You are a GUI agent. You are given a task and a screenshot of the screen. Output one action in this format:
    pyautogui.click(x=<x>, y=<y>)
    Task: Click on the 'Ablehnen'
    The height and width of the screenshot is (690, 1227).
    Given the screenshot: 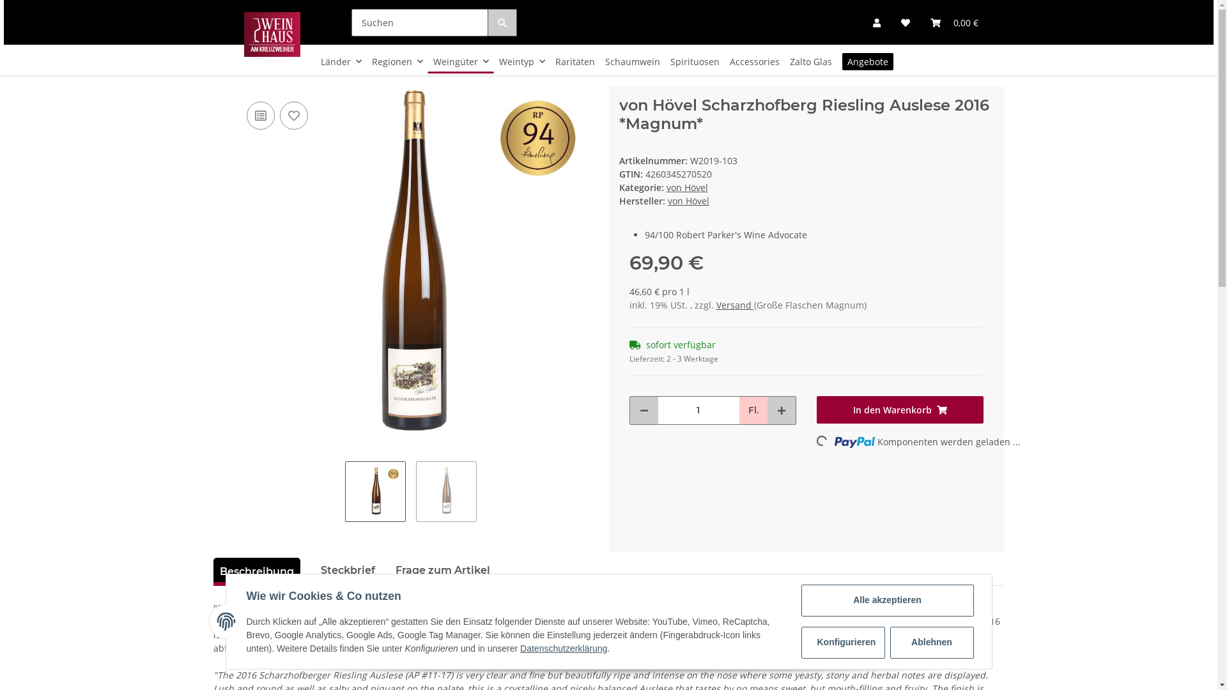 What is the action you would take?
    pyautogui.click(x=931, y=643)
    